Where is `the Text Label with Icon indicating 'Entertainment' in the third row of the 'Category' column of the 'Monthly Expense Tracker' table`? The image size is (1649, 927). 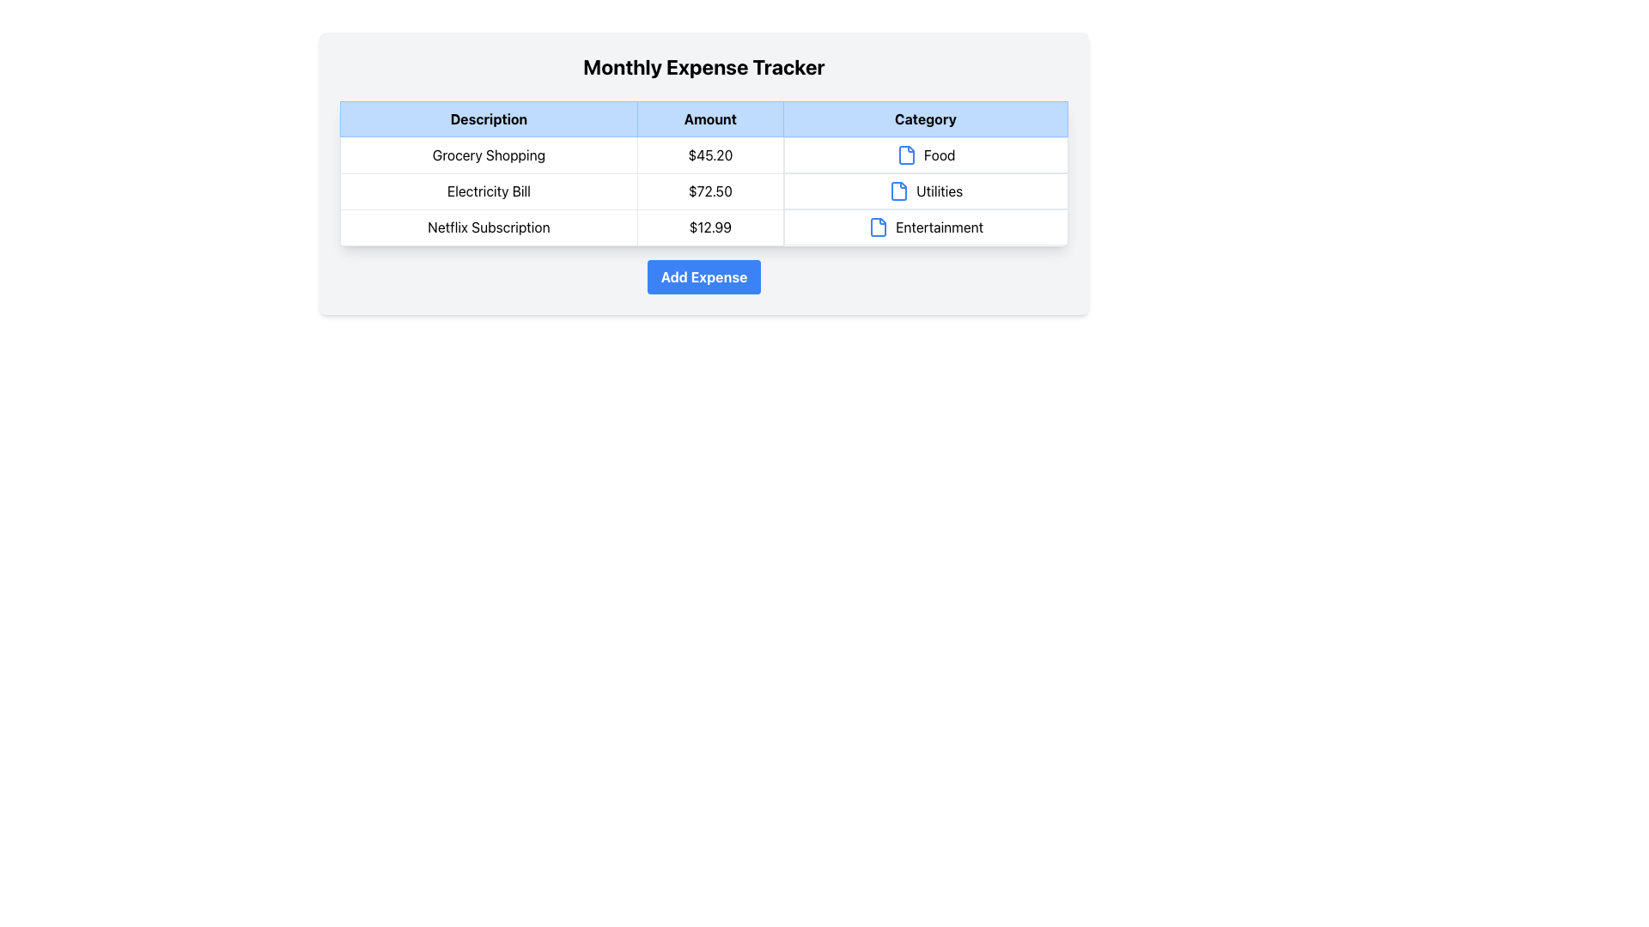 the Text Label with Icon indicating 'Entertainment' in the third row of the 'Category' column of the 'Monthly Expense Tracker' table is located at coordinates (925, 227).